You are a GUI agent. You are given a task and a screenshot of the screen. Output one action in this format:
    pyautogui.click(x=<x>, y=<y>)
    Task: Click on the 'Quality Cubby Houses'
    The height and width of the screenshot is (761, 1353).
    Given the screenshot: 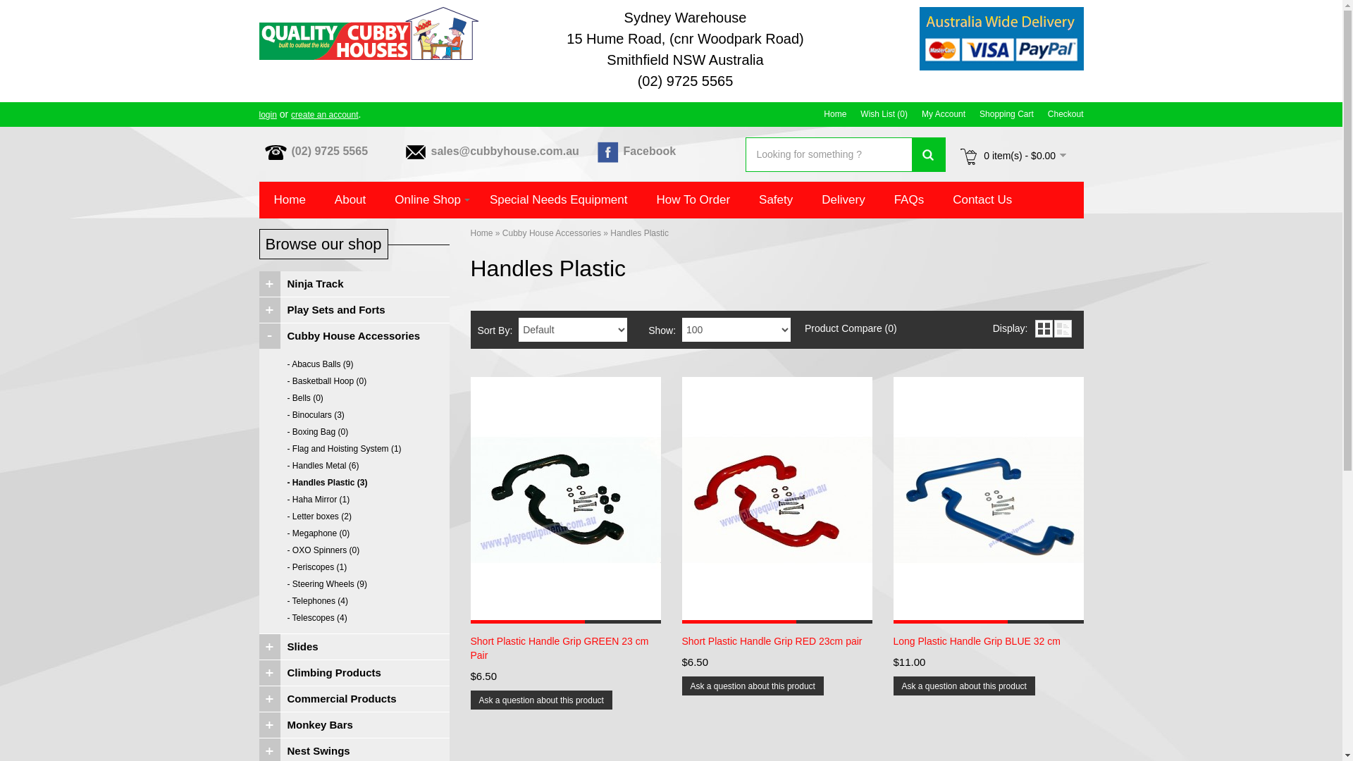 What is the action you would take?
    pyautogui.click(x=369, y=32)
    